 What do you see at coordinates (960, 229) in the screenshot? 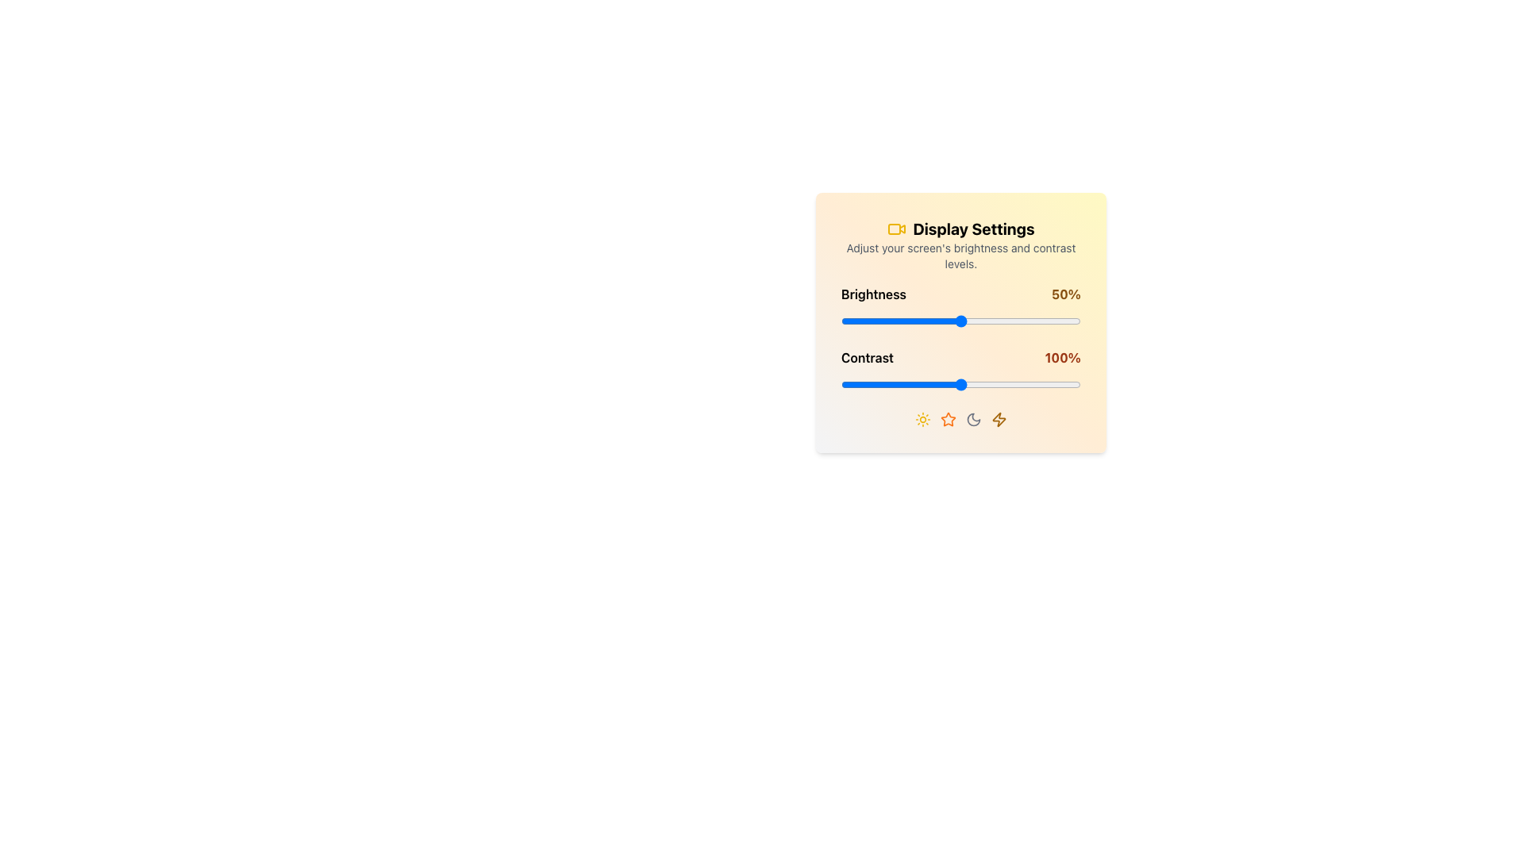
I see `the 'Display Settings' heading, which is a bold, large, centered text label accompanied by a yellow video camera icon on its left` at bounding box center [960, 229].